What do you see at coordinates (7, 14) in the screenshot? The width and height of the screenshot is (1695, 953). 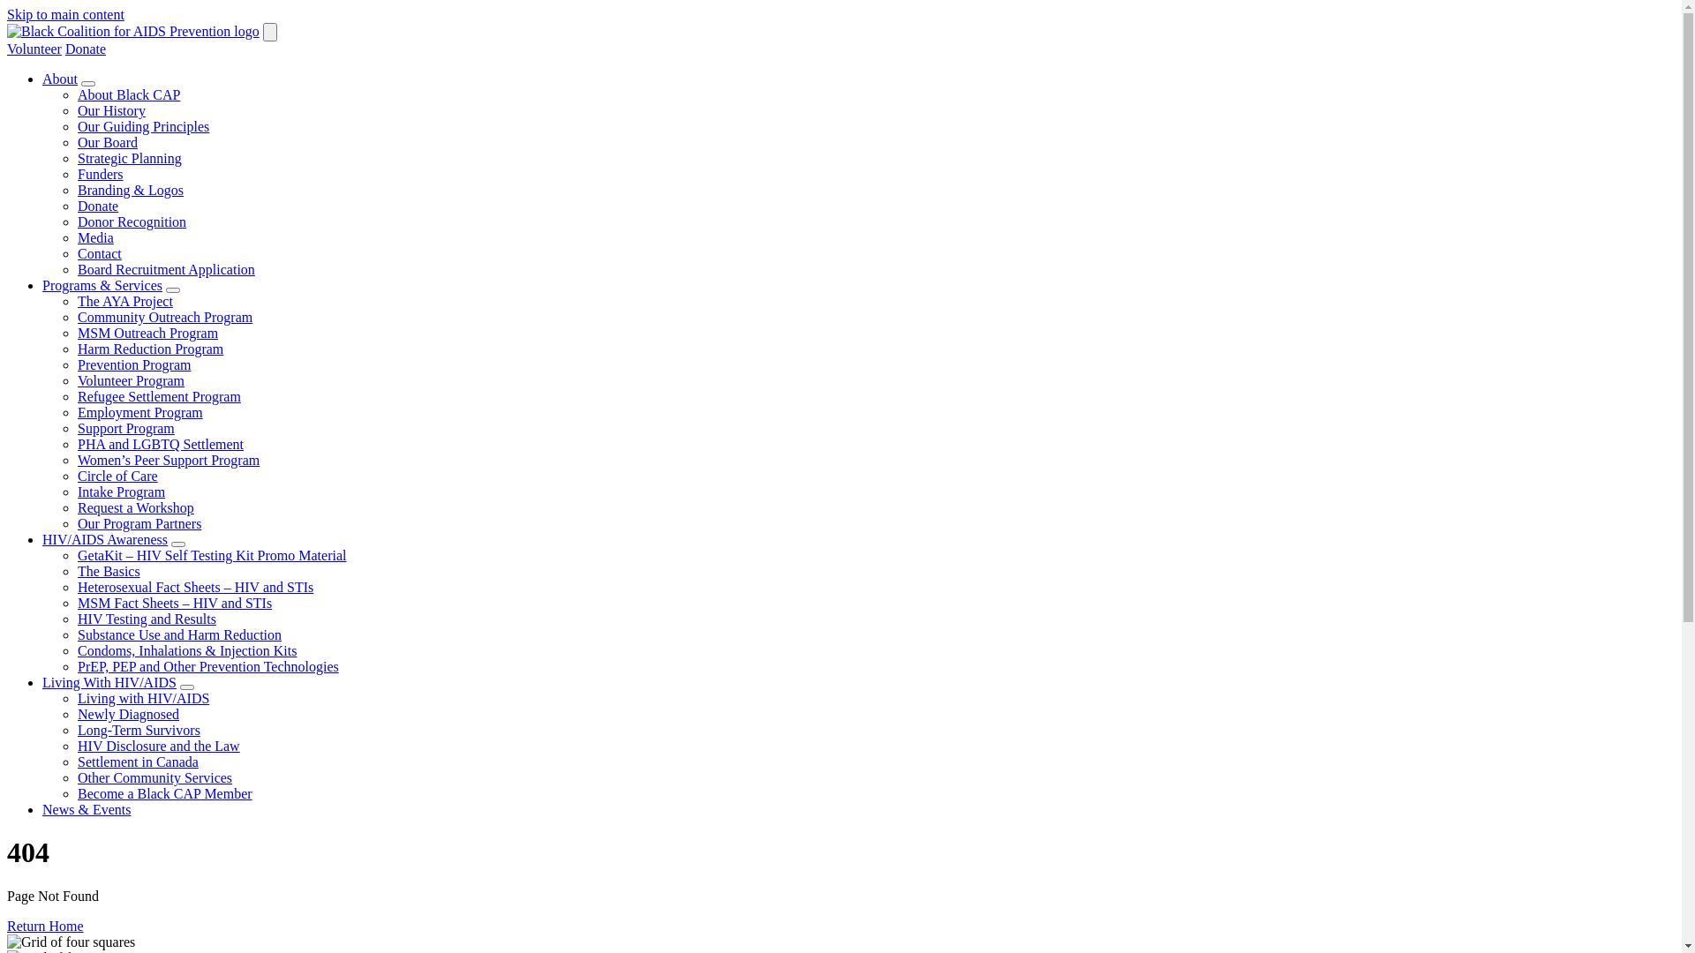 I see `'Skip to main content'` at bounding box center [7, 14].